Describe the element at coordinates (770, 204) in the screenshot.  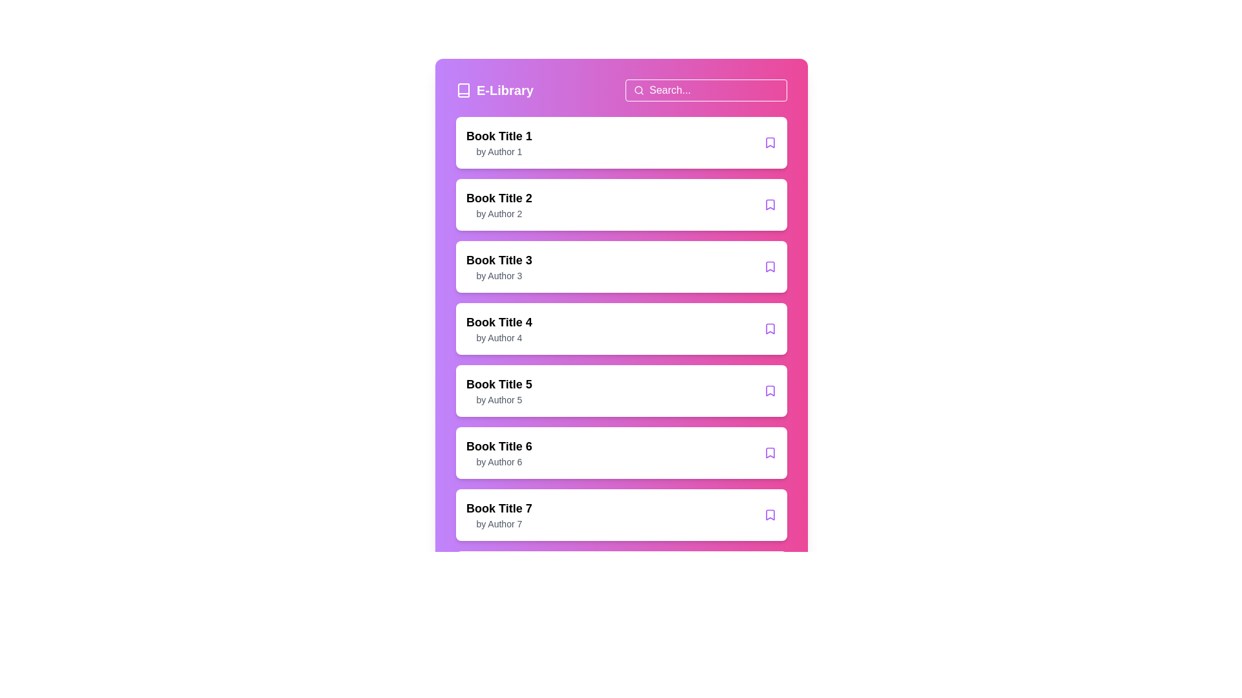
I see `the bookmark icon located to the right of the 'Book Title 2' entry` at that location.